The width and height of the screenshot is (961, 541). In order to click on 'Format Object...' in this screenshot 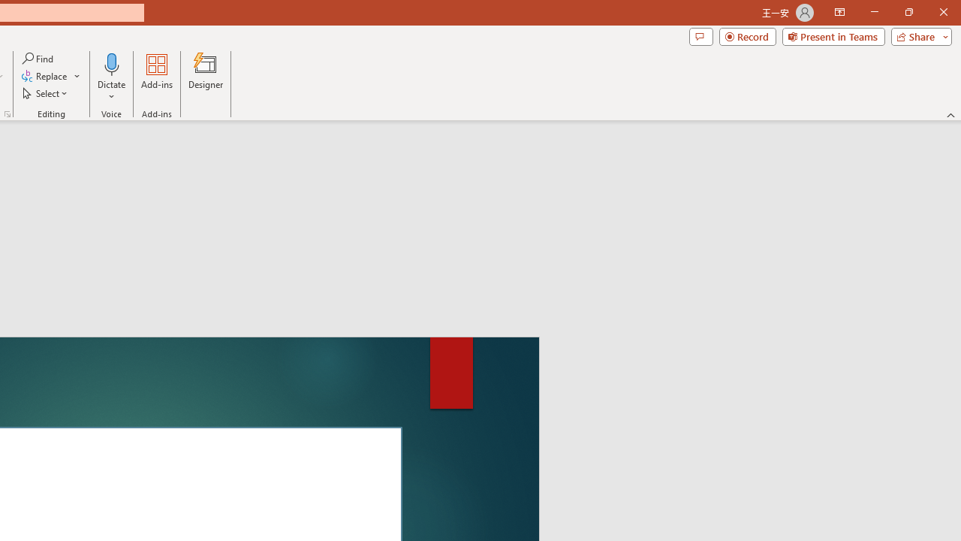, I will do `click(8, 113)`.